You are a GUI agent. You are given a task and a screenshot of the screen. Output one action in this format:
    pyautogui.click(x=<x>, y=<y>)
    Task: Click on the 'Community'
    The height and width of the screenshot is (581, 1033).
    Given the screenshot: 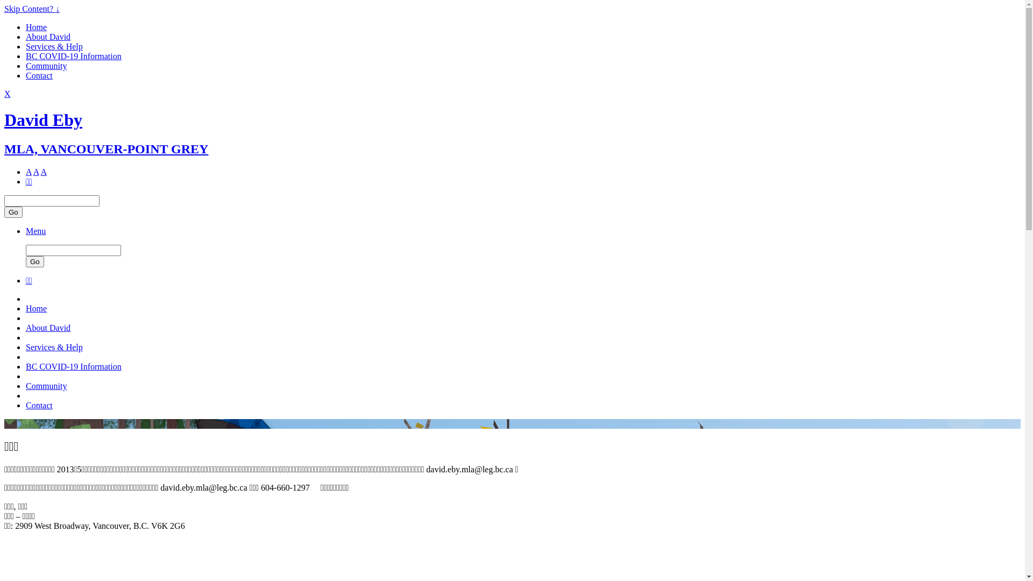 What is the action you would take?
    pyautogui.click(x=26, y=385)
    